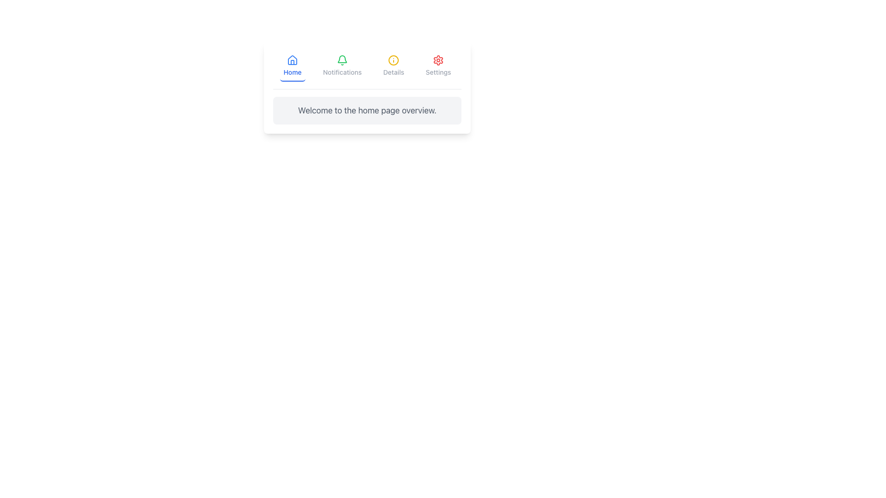 This screenshot has height=498, width=886. What do you see at coordinates (394, 60) in the screenshot?
I see `the icon representing the 'Details' section in the navigation bar` at bounding box center [394, 60].